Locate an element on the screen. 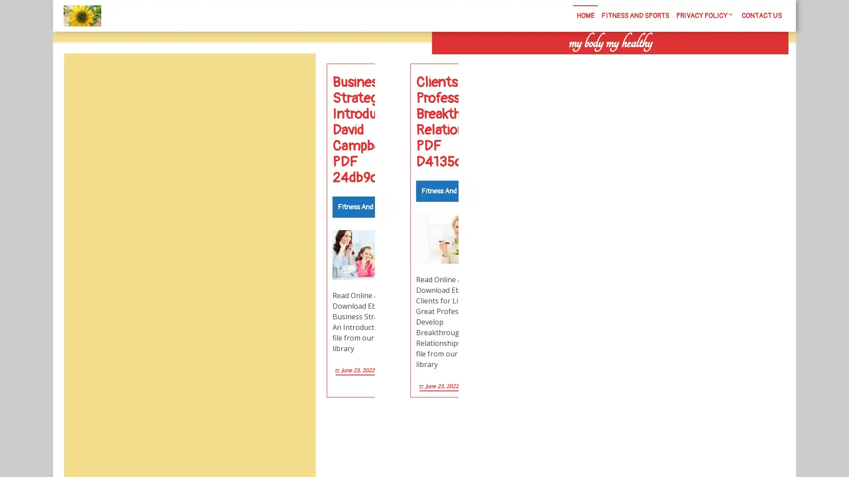  Search is located at coordinates (688, 62).